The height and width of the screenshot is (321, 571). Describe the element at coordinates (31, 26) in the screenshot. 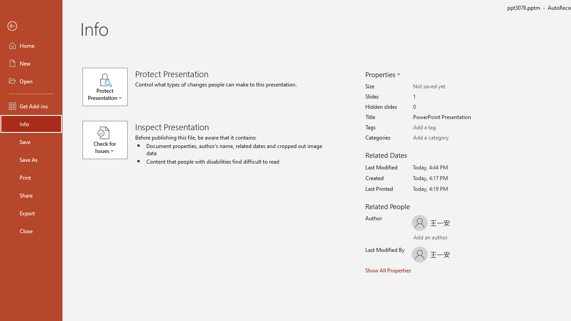

I see `'Back'` at that location.